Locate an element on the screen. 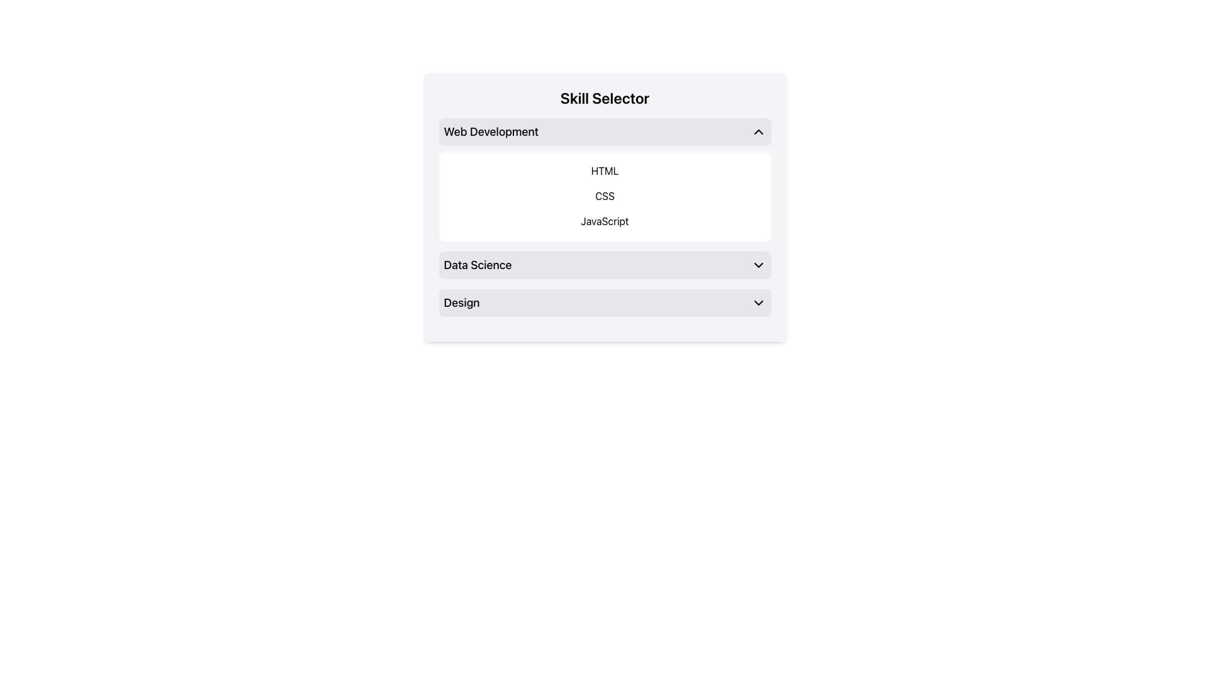 The height and width of the screenshot is (679, 1208). the first item in the 'Web Development' category list is located at coordinates (605, 171).